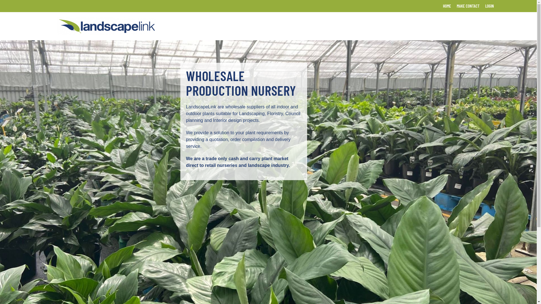 The width and height of the screenshot is (541, 304). I want to click on 'MAKE CONTACT', so click(468, 6).